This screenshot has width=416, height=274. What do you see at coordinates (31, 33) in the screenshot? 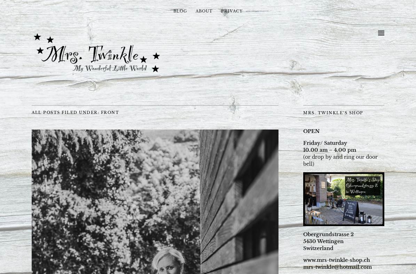
I see `'Mrs. Twinkle'` at bounding box center [31, 33].